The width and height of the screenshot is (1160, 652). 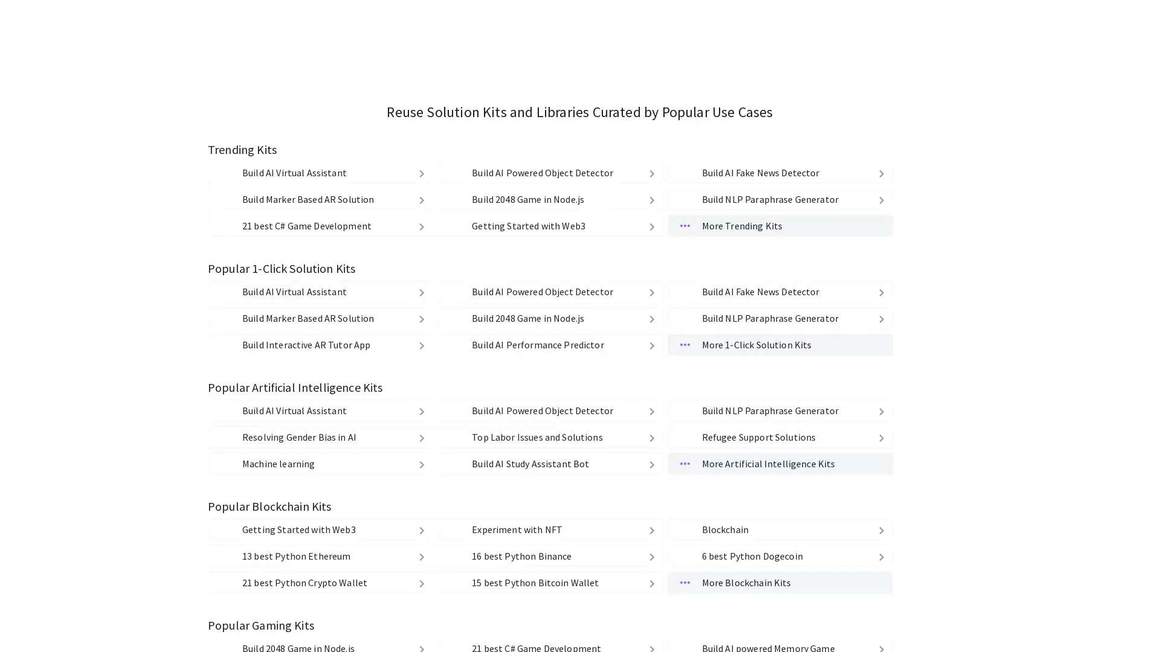 What do you see at coordinates (248, 356) in the screenshot?
I see `Permissive` at bounding box center [248, 356].